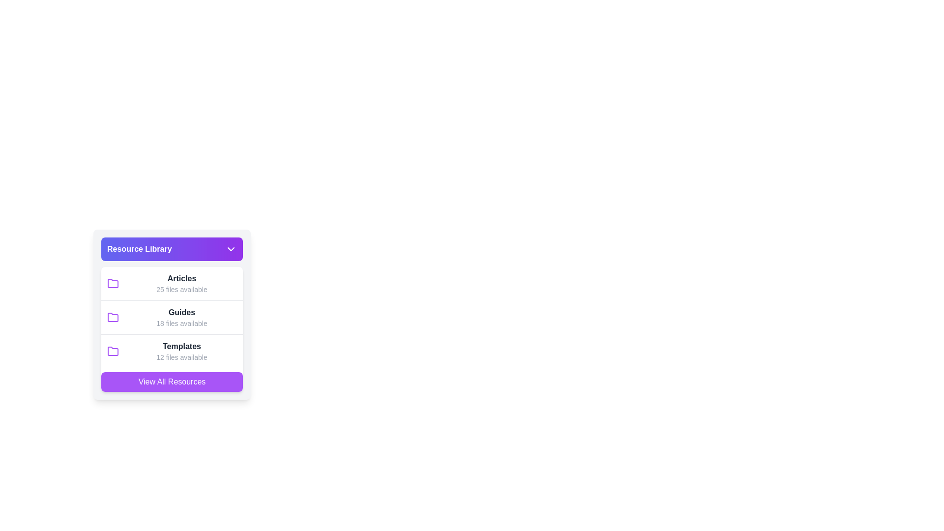  Describe the element at coordinates (113, 284) in the screenshot. I see `the SVG folder icon located in the first row under the 'Resource Library' section, to the left of the text 'Articles'` at that location.